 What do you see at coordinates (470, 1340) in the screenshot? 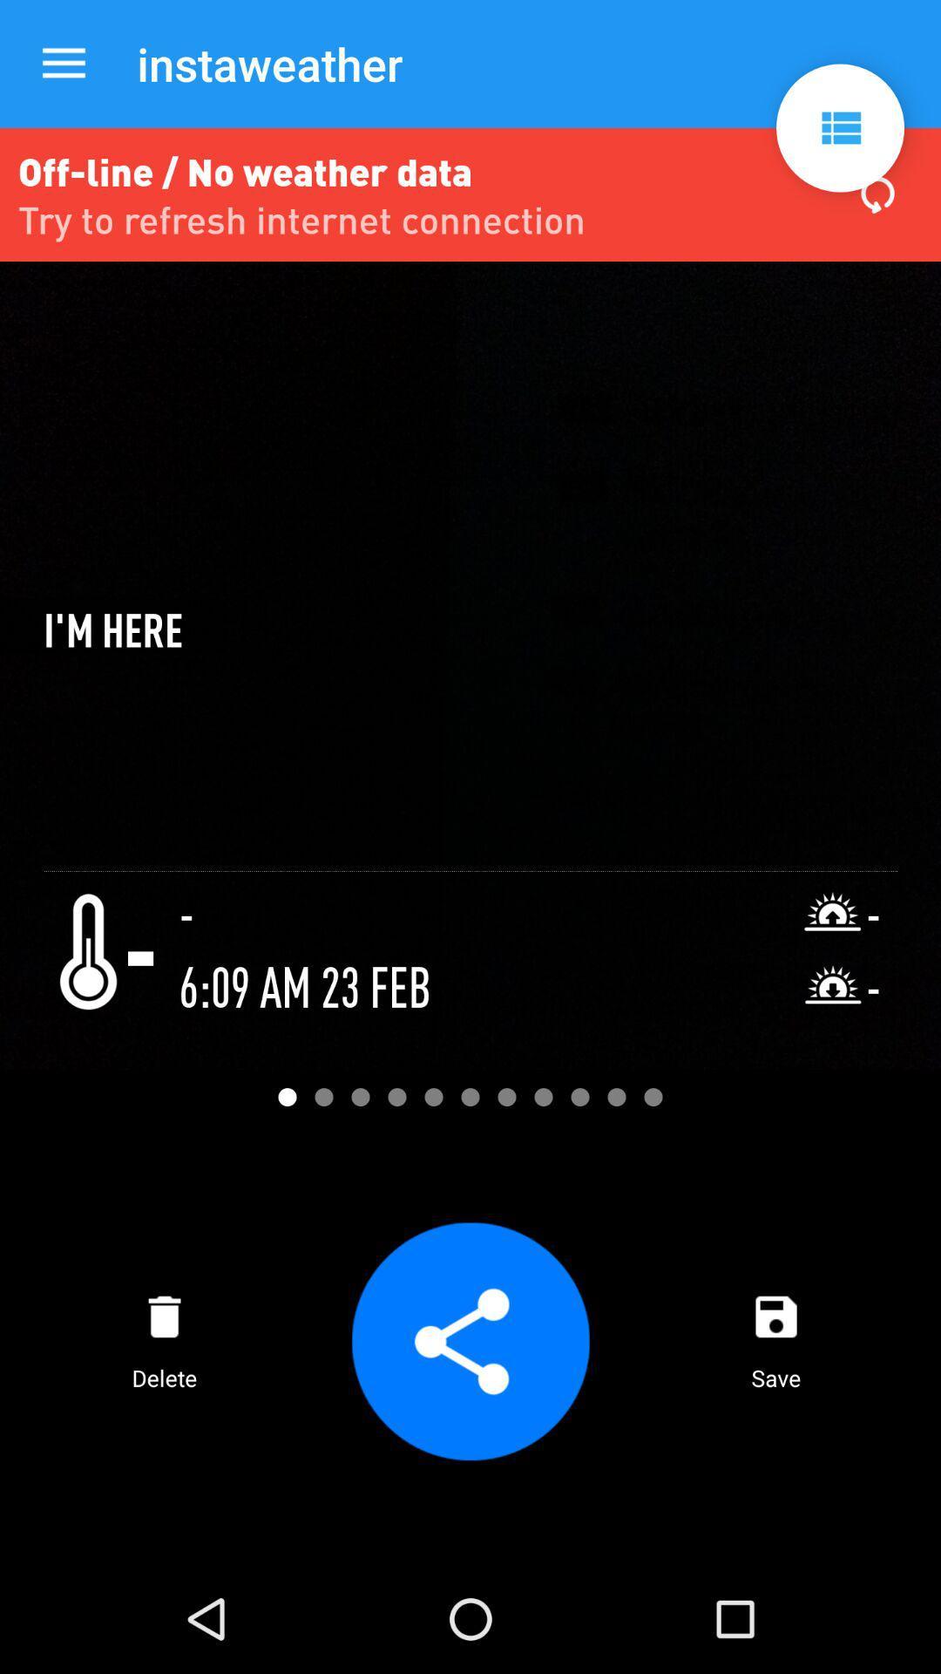
I see `the app to the left of the save app` at bounding box center [470, 1340].